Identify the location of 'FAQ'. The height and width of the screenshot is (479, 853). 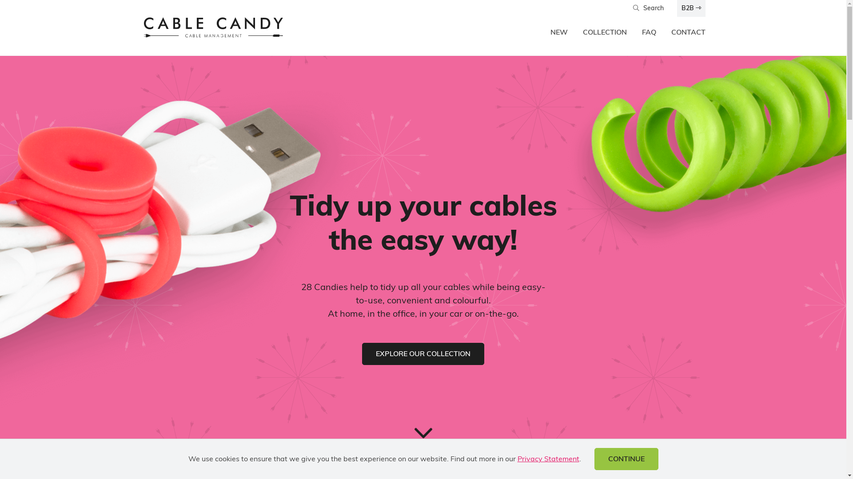
(648, 33).